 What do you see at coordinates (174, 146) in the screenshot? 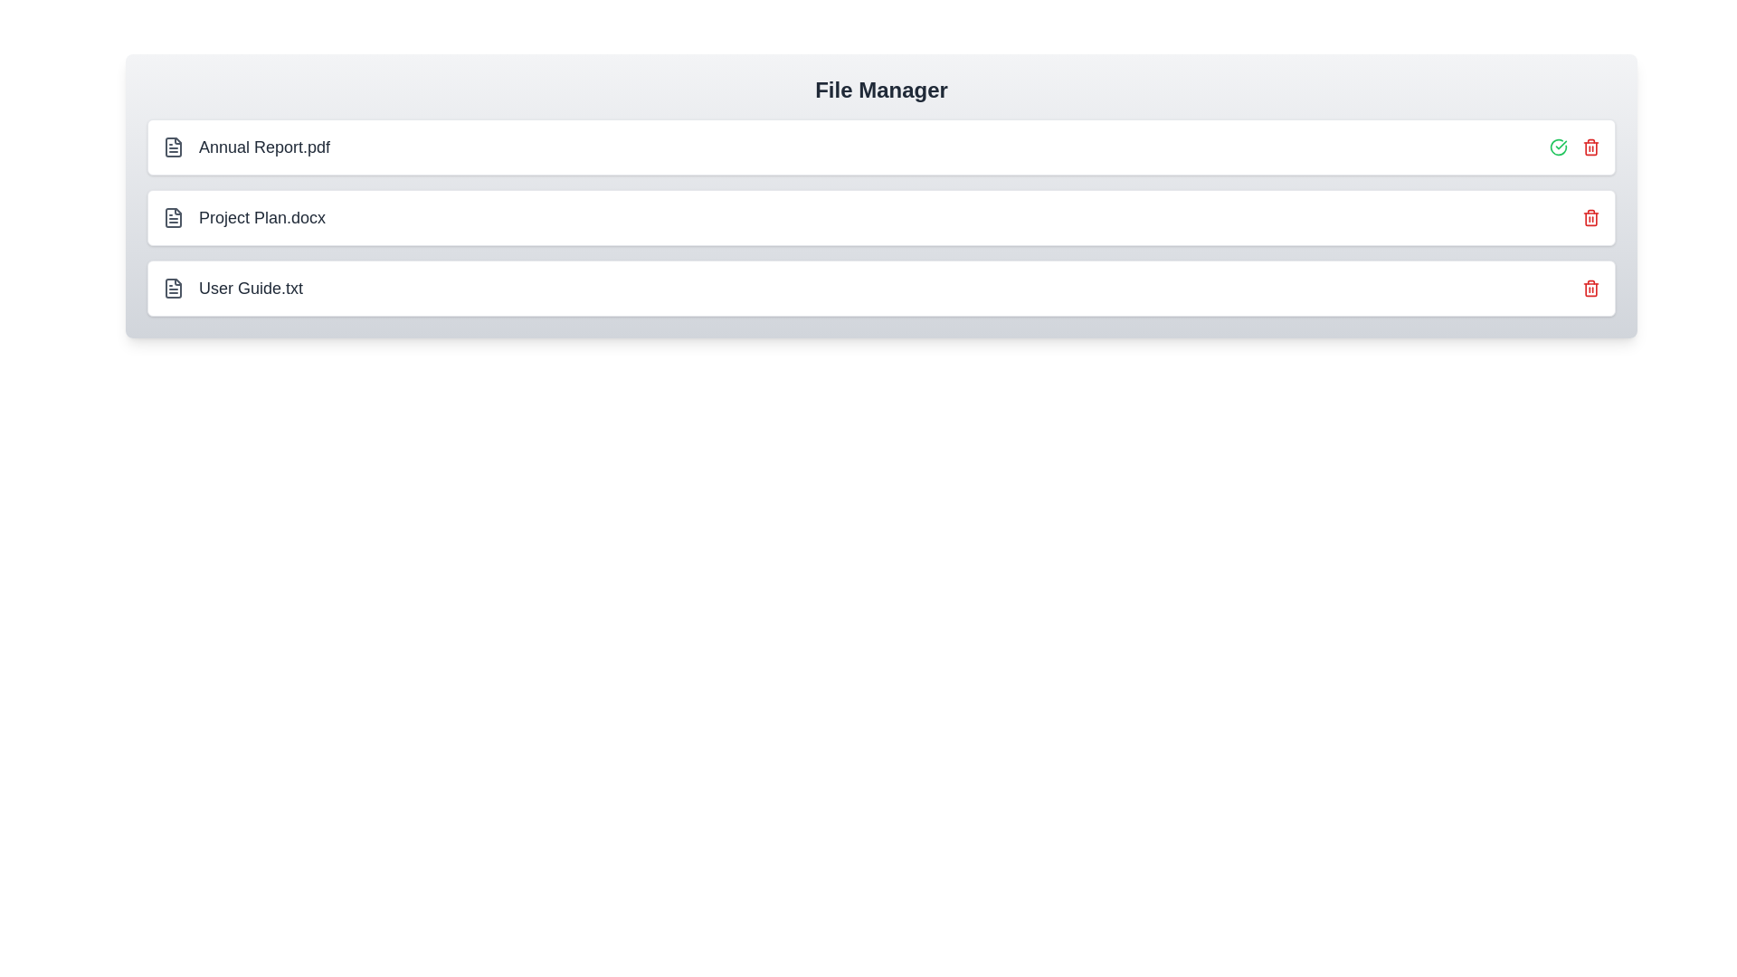
I see `the document icon representing 'Annual Report.pdf'` at bounding box center [174, 146].